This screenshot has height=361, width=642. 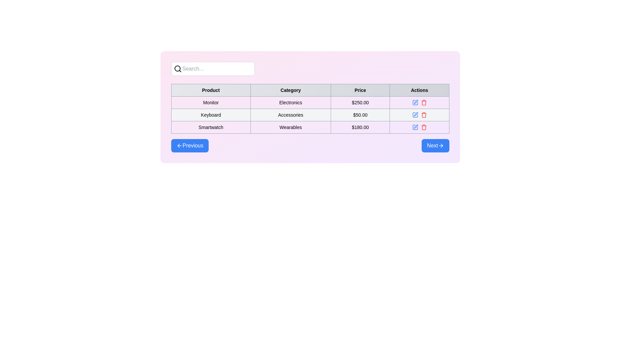 What do you see at coordinates (360, 114) in the screenshot?
I see `price value displayed for the item 'Keyboard' located in the third column of the second row in the tabular interface under the 'Price' header` at bounding box center [360, 114].